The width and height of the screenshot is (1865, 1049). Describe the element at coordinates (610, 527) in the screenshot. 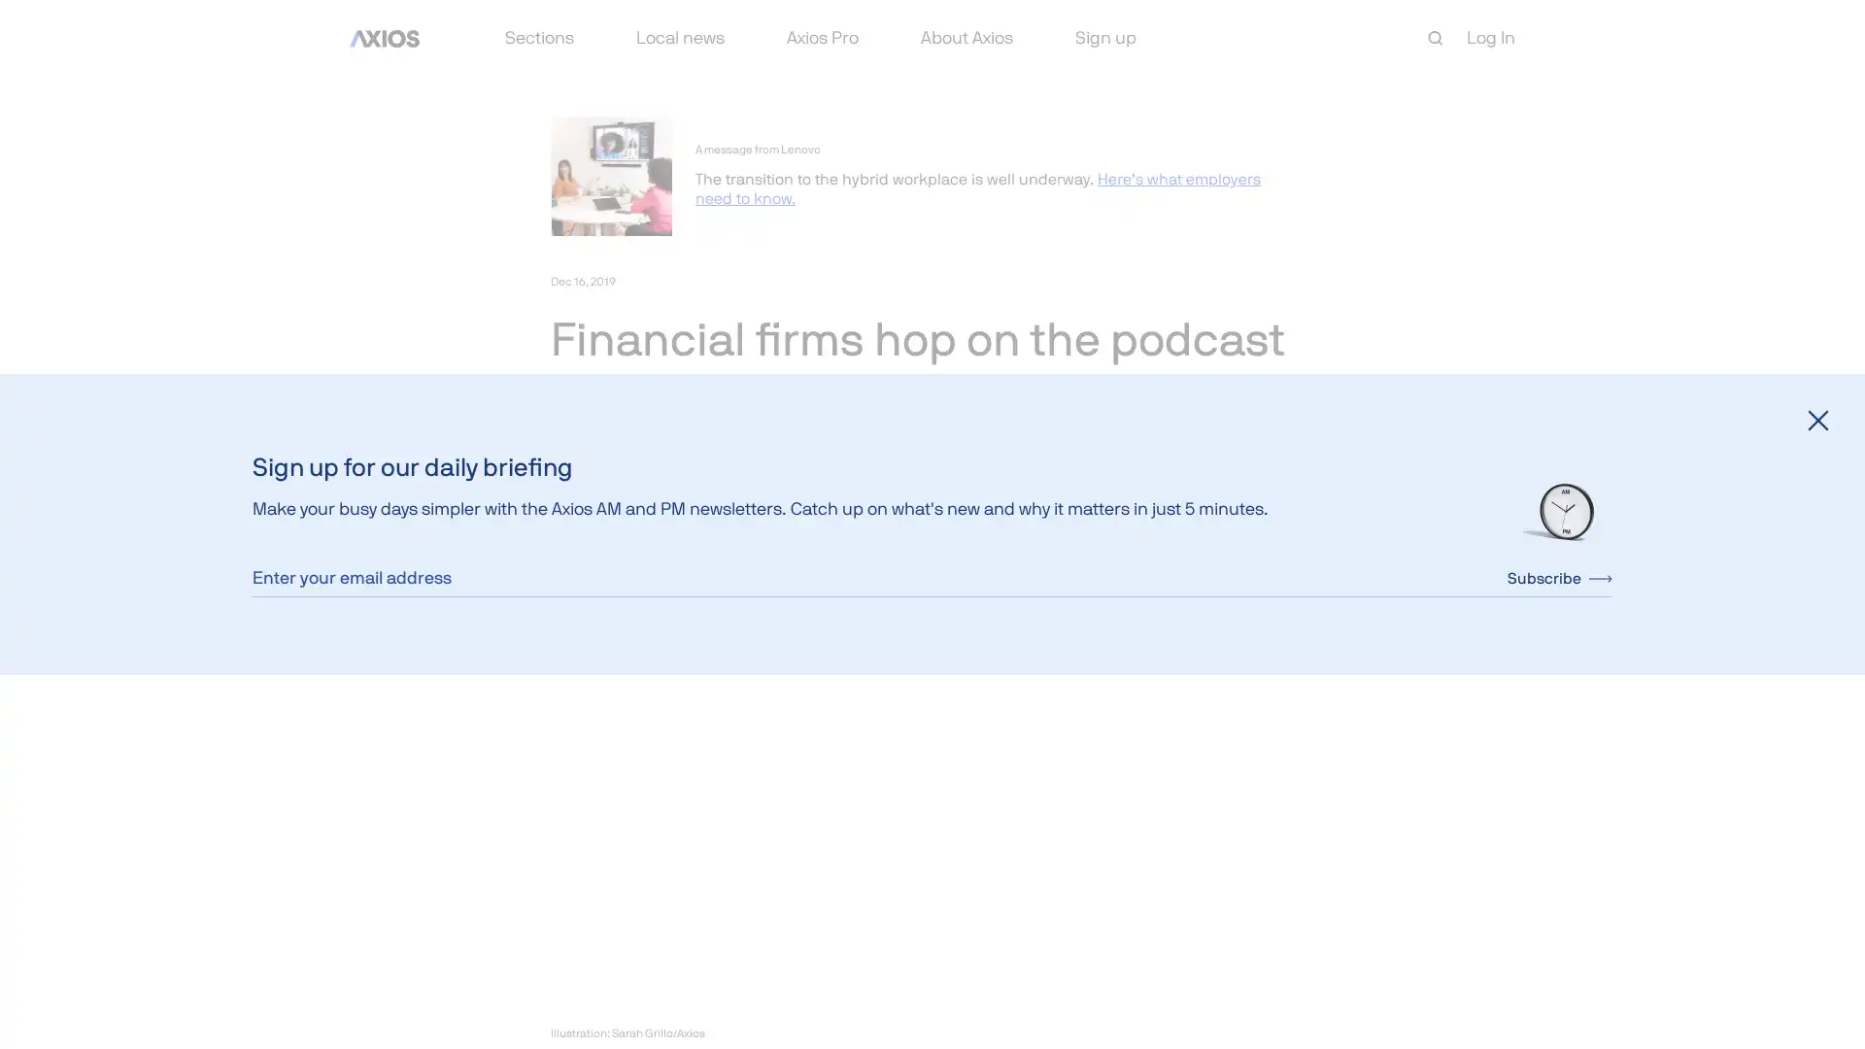

I see `twitter` at that location.